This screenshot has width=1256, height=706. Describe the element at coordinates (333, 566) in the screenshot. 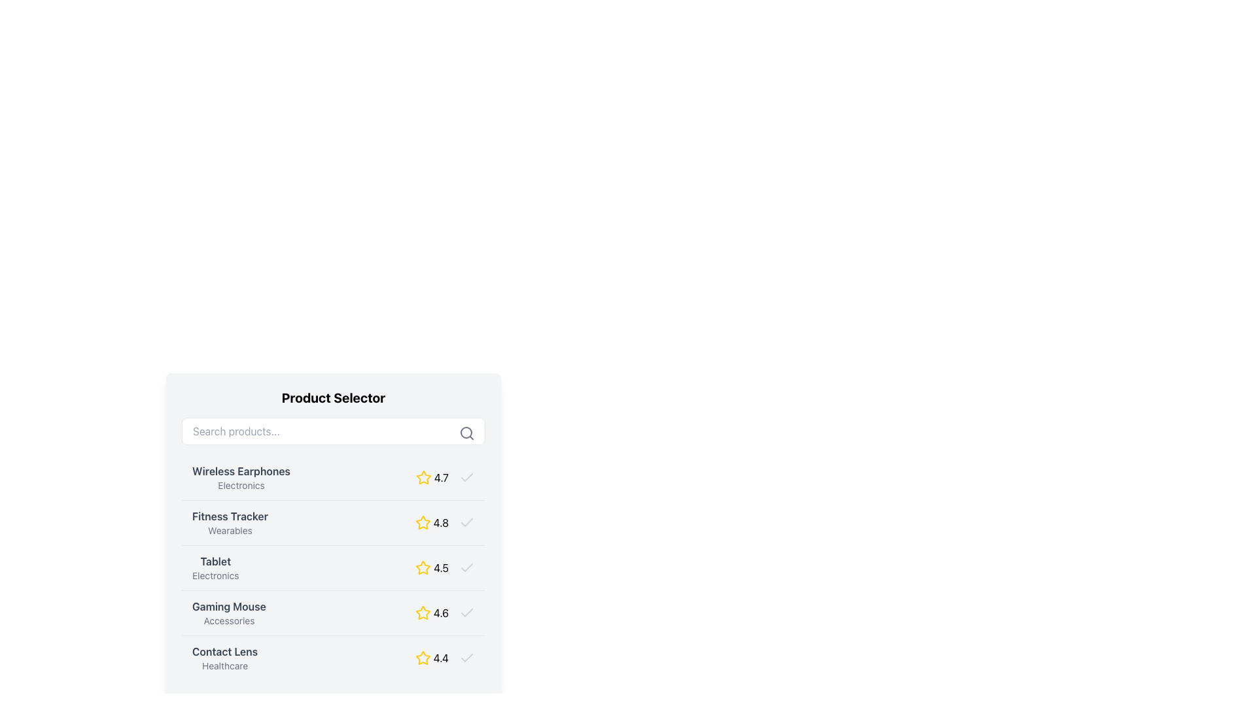

I see `the third list item titled 'Tablet' in the product selector interface` at that location.